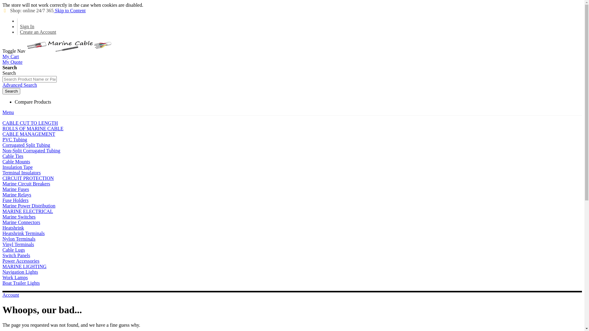 The width and height of the screenshot is (589, 331). What do you see at coordinates (26, 145) in the screenshot?
I see `'Corrugated Split Tubing'` at bounding box center [26, 145].